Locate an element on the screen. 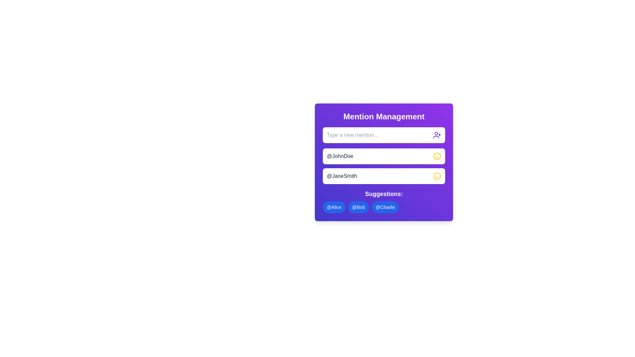 This screenshot has height=357, width=635. the yellow smiley face icon located at the right end of the '@JohnDoe' entry in the list is located at coordinates (437, 156).